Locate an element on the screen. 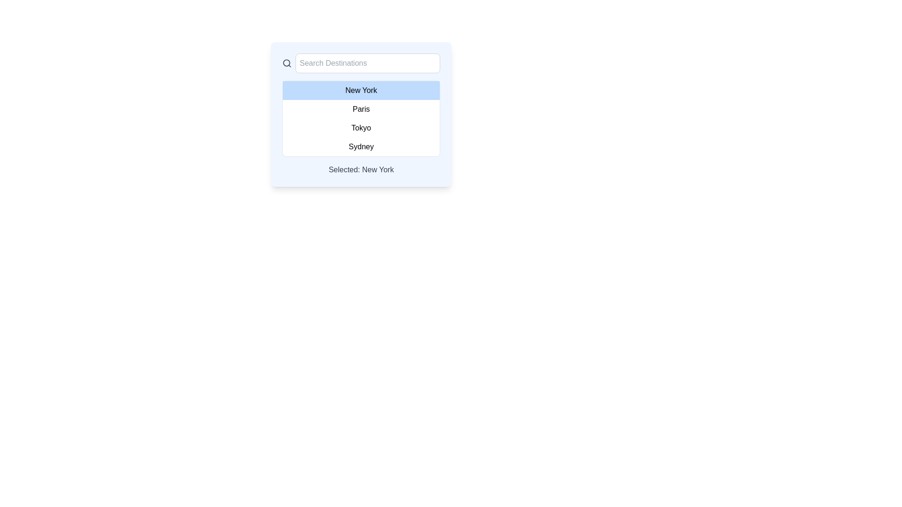  the text display labeled 'Tokyo' is located at coordinates (360, 128).